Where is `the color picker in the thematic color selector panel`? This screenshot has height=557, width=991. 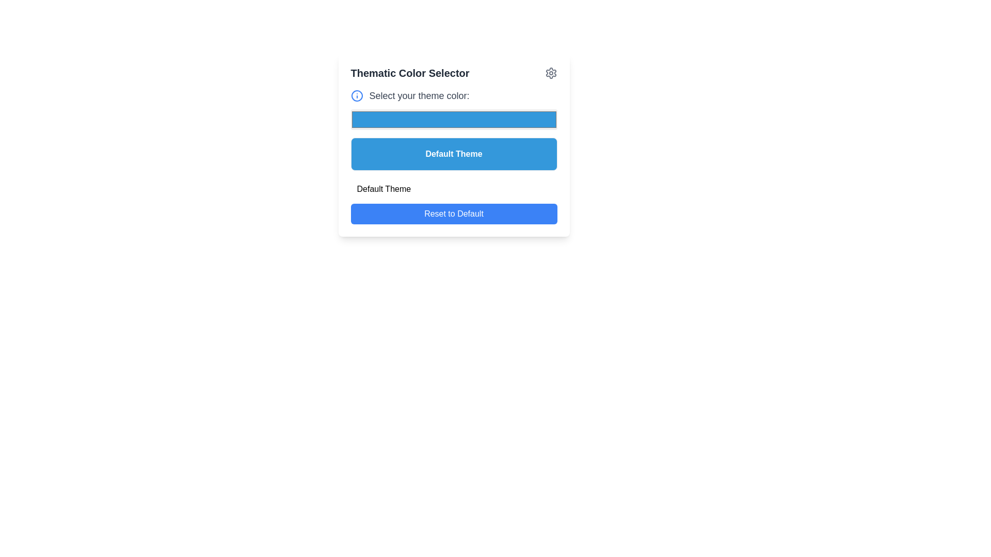 the color picker in the thematic color selector panel is located at coordinates (454, 129).